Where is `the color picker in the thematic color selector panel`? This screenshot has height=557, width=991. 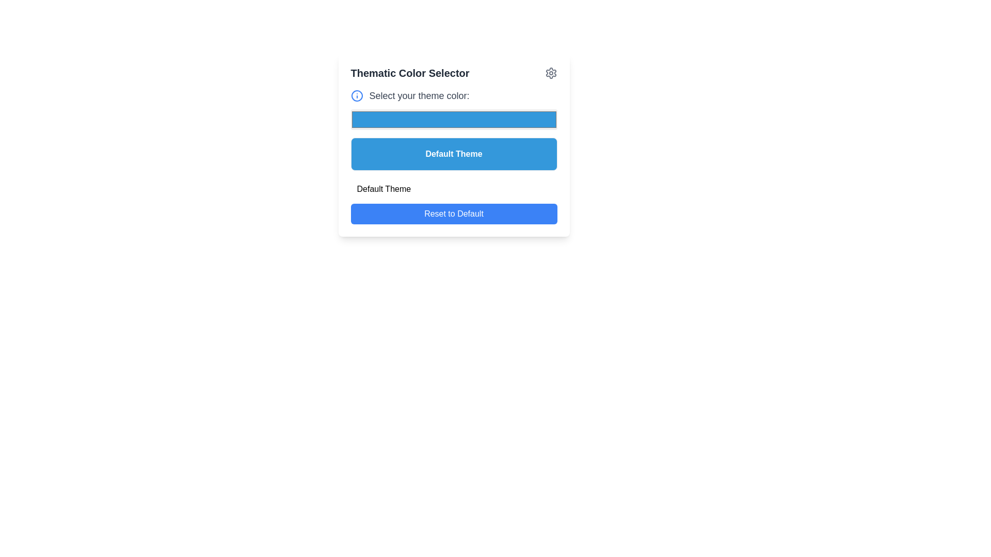 the color picker in the thematic color selector panel is located at coordinates (454, 129).